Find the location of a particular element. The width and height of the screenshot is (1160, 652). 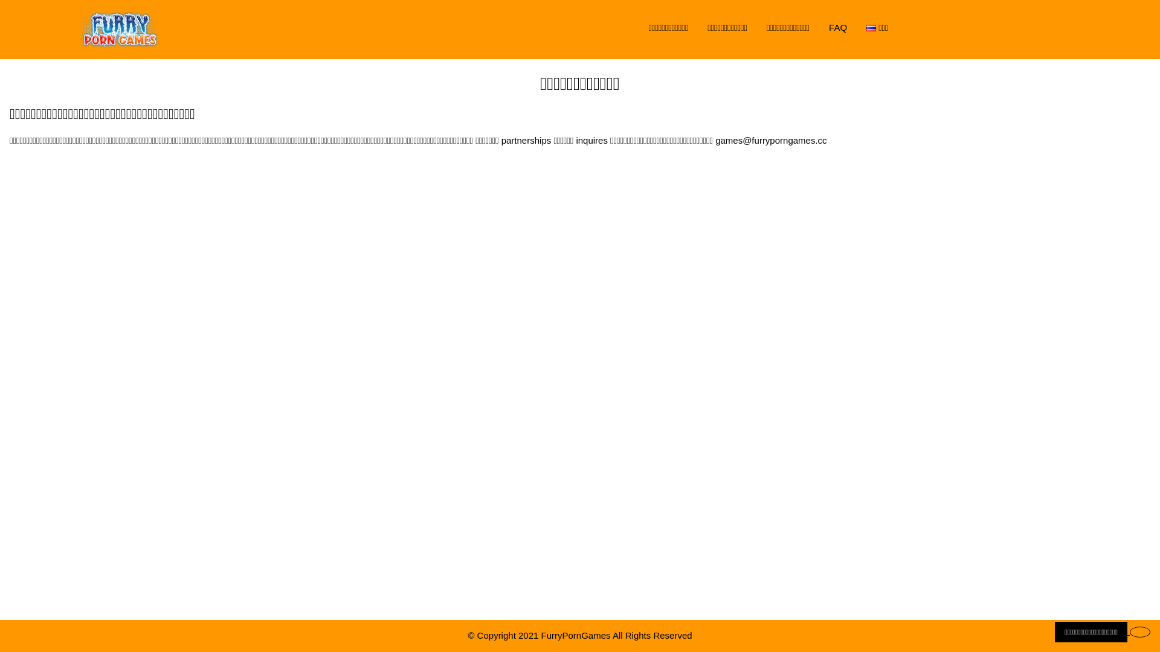

'FAQ' is located at coordinates (819, 27).